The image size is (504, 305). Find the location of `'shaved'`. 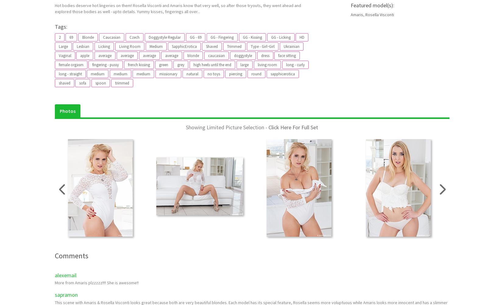

'shaved' is located at coordinates (58, 83).